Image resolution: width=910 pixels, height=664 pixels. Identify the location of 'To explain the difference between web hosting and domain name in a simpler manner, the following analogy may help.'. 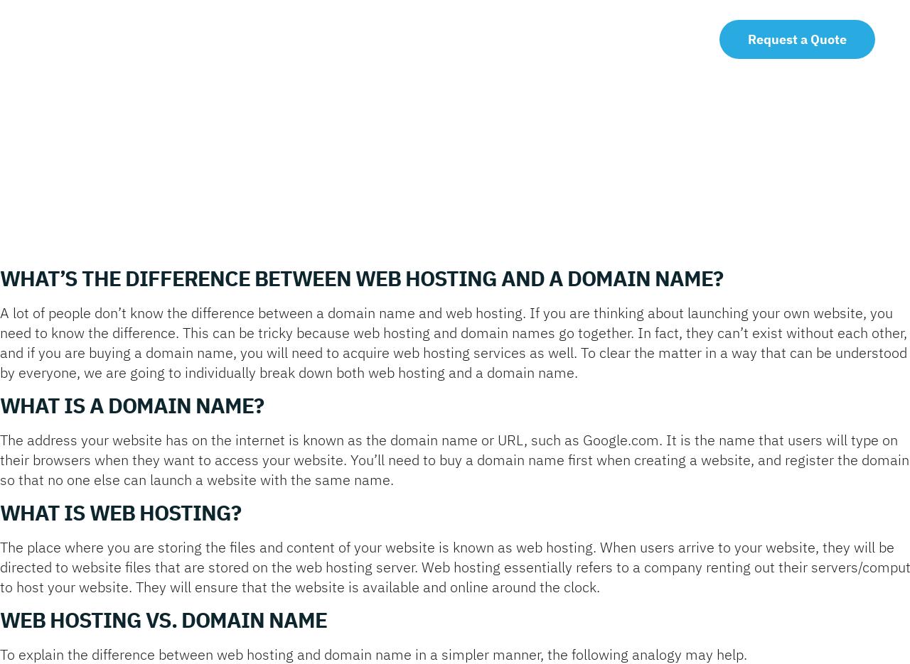
(373, 654).